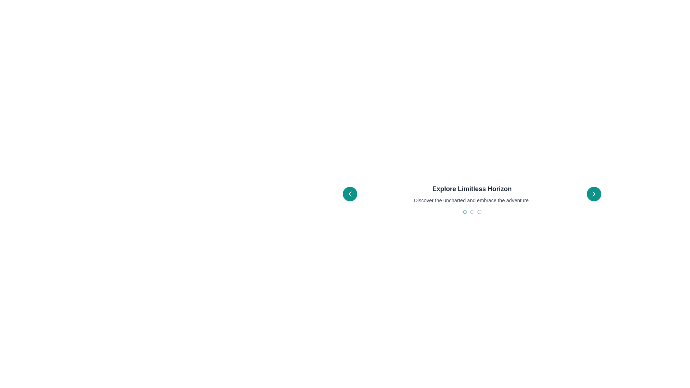 This screenshot has width=690, height=388. I want to click on the headline 'Explore Limitless Horizon', so click(472, 199).